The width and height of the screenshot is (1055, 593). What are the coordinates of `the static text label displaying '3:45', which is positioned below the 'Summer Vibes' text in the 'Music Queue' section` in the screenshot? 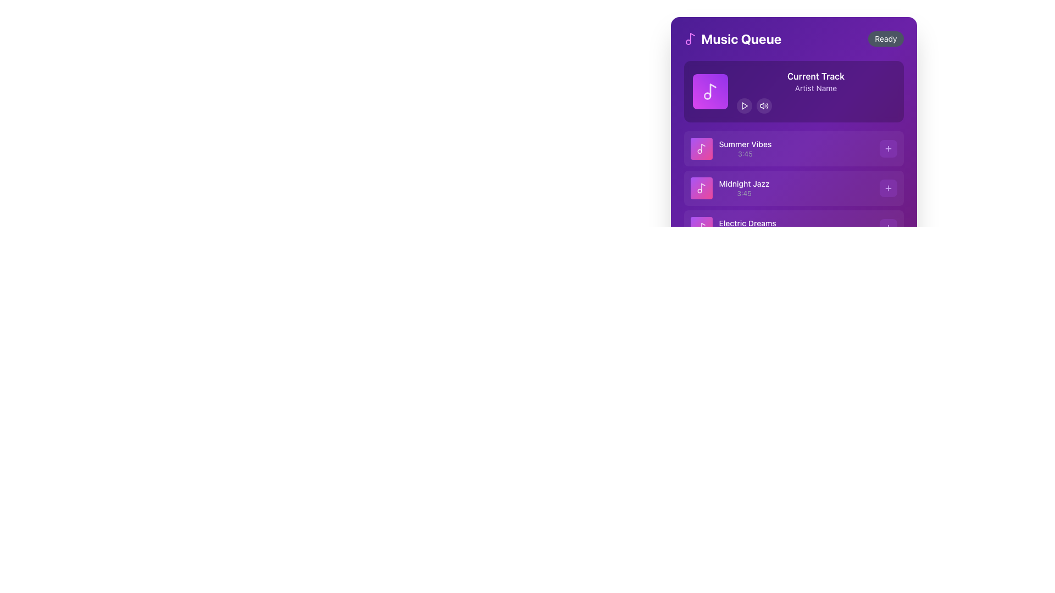 It's located at (745, 154).